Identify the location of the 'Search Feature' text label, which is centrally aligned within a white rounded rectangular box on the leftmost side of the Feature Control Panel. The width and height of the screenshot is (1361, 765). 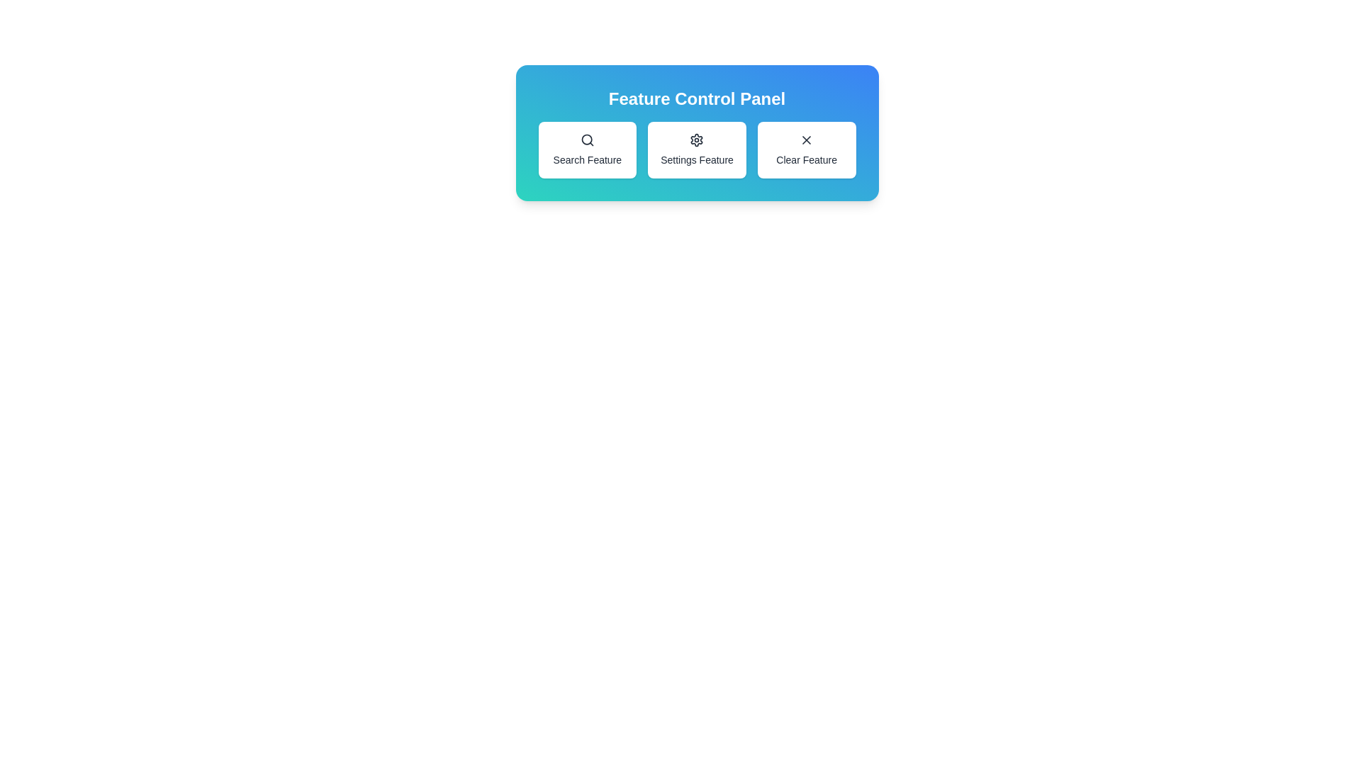
(587, 159).